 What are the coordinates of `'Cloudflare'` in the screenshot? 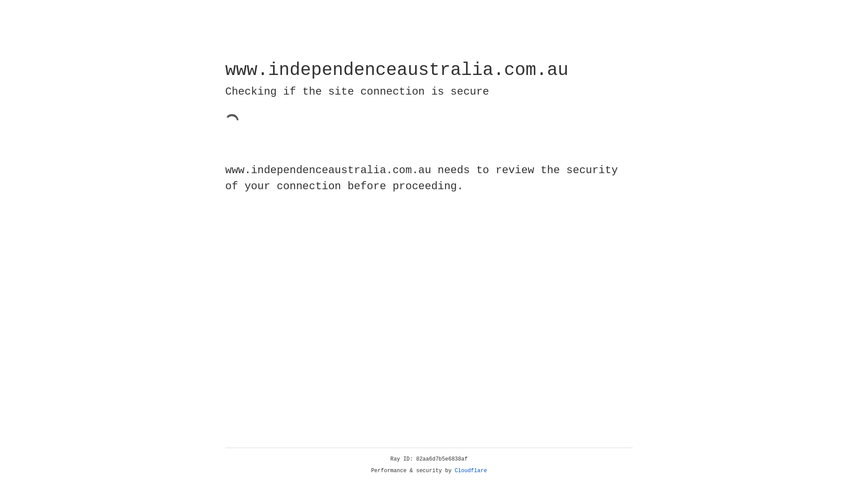 It's located at (471, 470).